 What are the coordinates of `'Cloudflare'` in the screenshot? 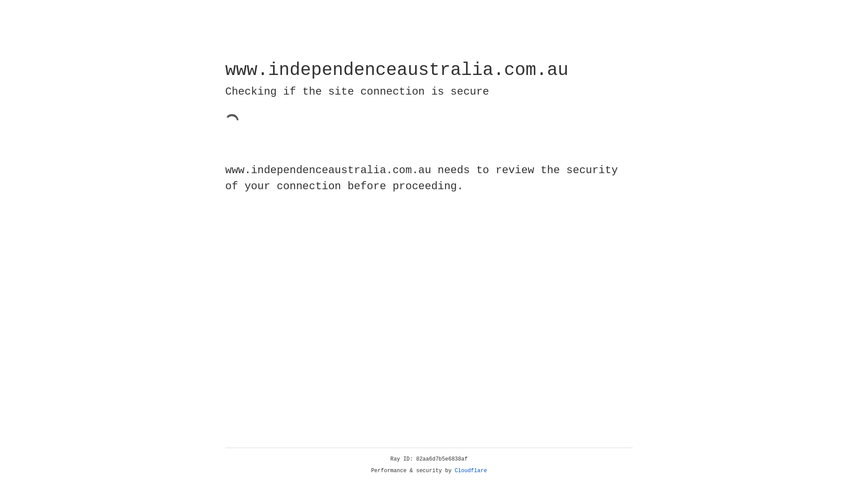 It's located at (471, 470).